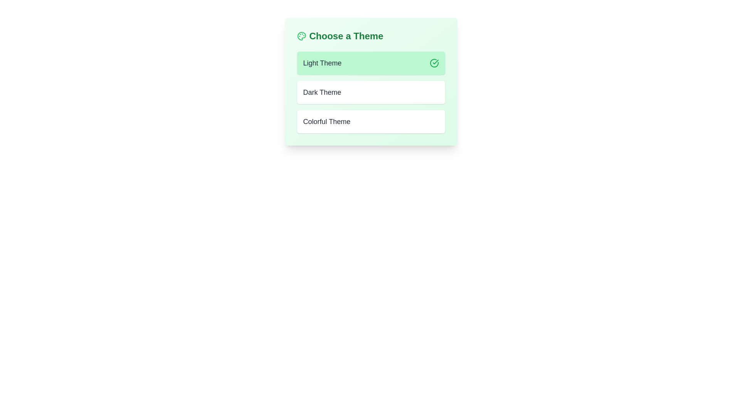 Image resolution: width=740 pixels, height=416 pixels. I want to click on the List Item Button labeled 'Dark Theme' in the 'Choose a Theme' section, so click(371, 92).